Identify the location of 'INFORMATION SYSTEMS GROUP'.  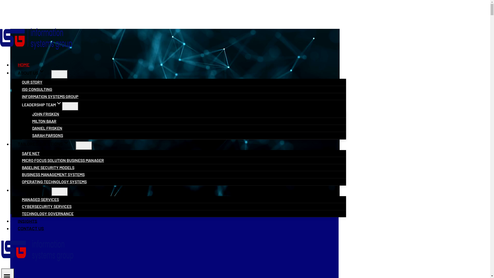
(50, 96).